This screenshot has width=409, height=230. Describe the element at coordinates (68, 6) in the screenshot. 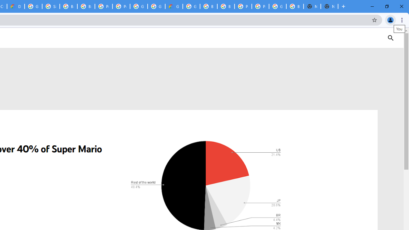

I see `'Browse Chrome as a guest - Computer - Google Chrome Help'` at that location.